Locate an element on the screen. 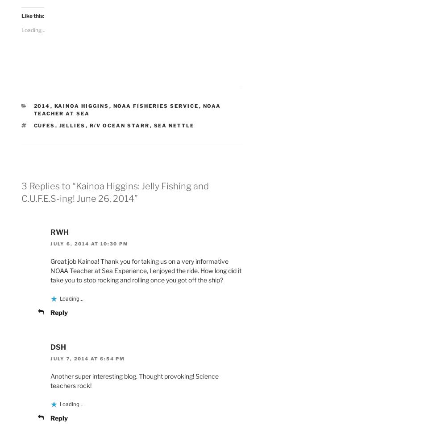  'July 7, 2014 at 6:54 pm' is located at coordinates (87, 358).